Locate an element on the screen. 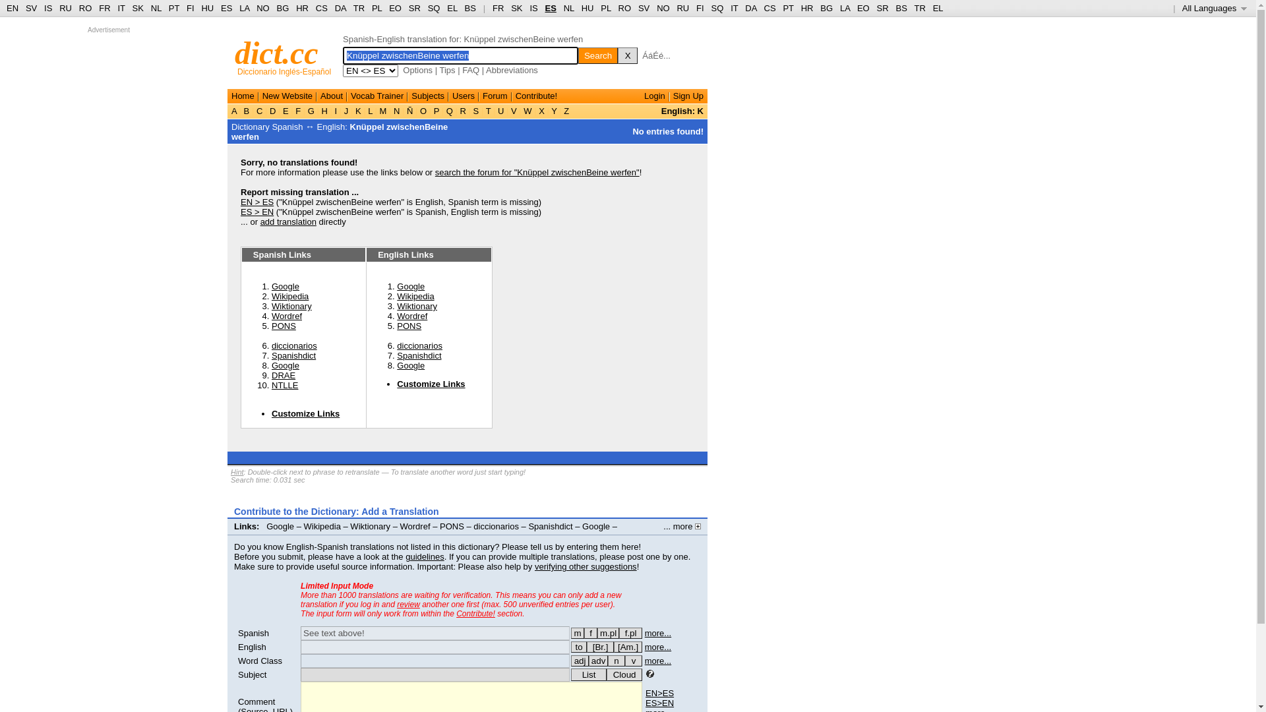 This screenshot has height=712, width=1266. 'more...' is located at coordinates (658, 646).